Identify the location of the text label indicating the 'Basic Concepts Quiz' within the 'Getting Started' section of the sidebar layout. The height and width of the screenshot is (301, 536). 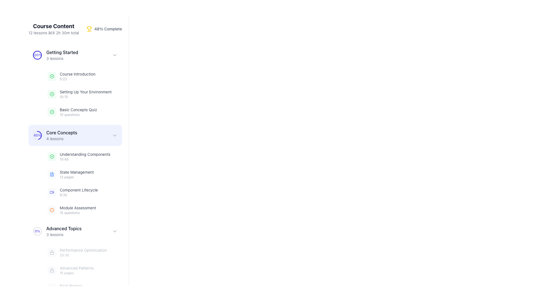
(78, 110).